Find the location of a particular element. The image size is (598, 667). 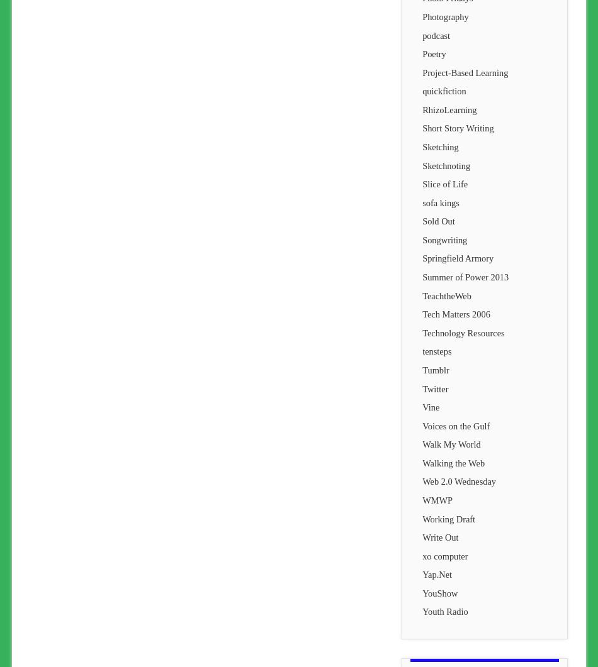

'Slice of Life' is located at coordinates (444, 184).